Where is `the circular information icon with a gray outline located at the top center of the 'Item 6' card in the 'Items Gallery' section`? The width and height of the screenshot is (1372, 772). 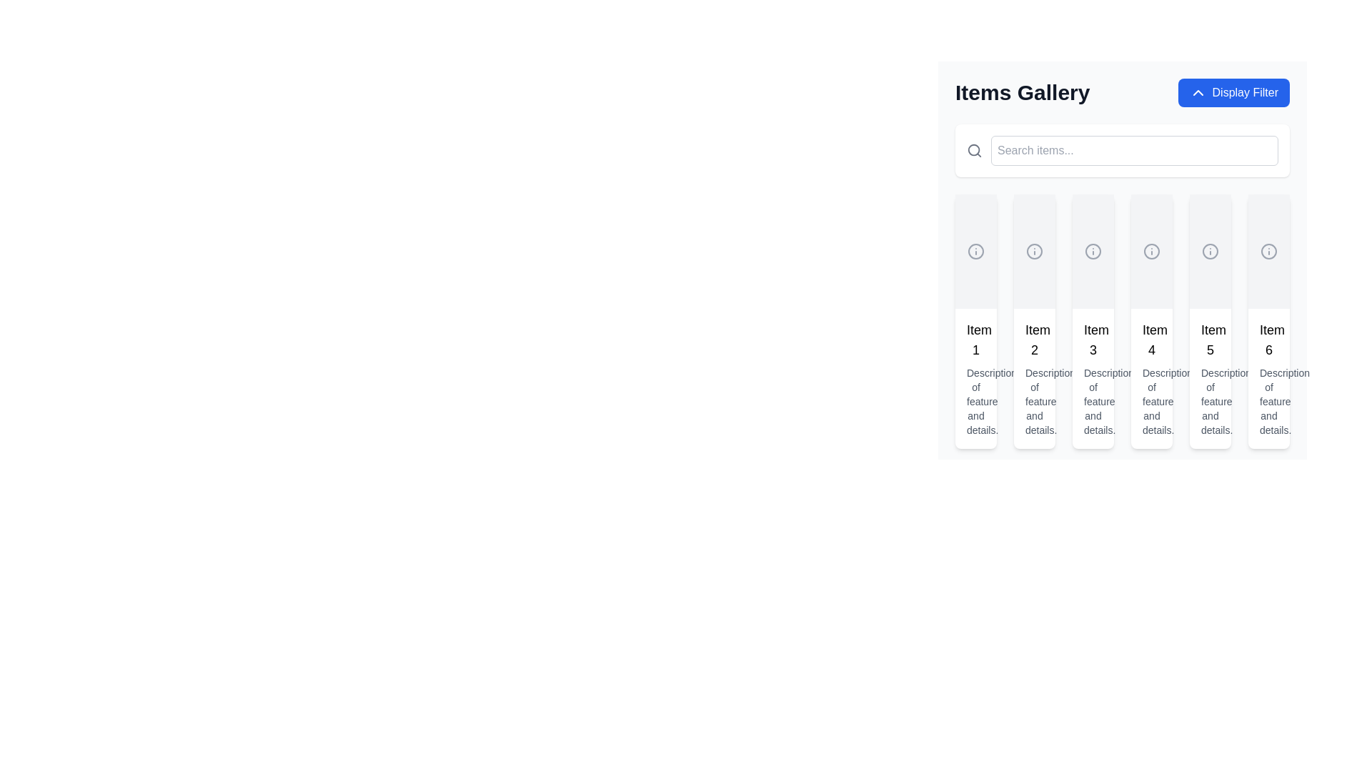 the circular information icon with a gray outline located at the top center of the 'Item 6' card in the 'Items Gallery' section is located at coordinates (1269, 250).